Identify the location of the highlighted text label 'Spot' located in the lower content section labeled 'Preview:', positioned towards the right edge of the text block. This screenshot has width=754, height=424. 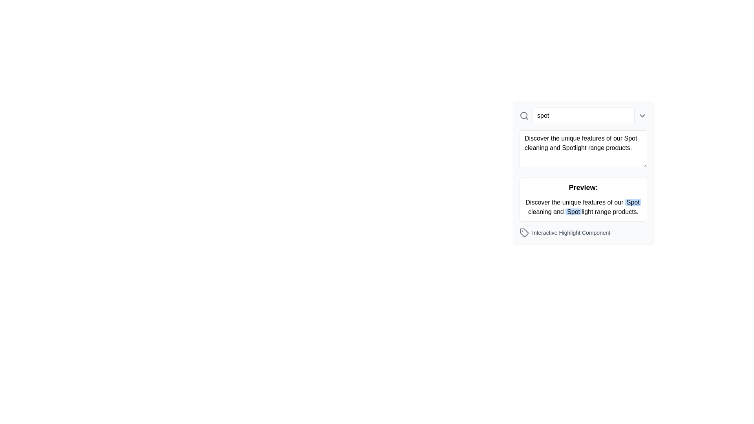
(633, 202).